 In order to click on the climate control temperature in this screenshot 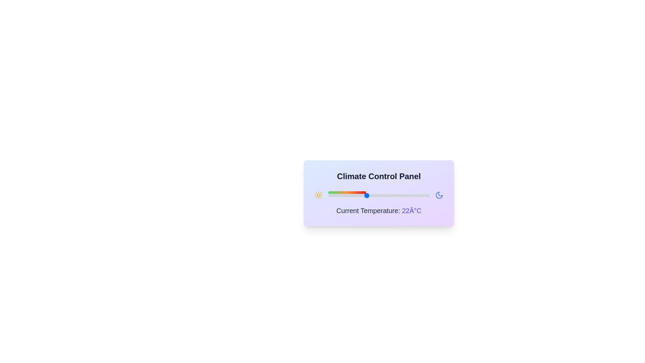, I will do `click(328, 196)`.